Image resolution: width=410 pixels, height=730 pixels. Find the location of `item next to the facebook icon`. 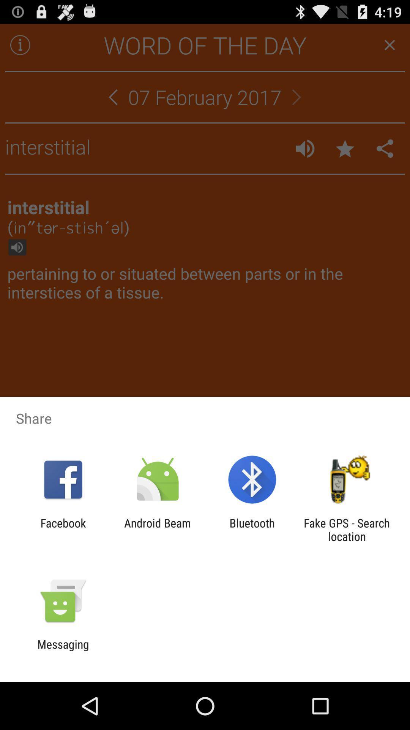

item next to the facebook icon is located at coordinates (157, 529).